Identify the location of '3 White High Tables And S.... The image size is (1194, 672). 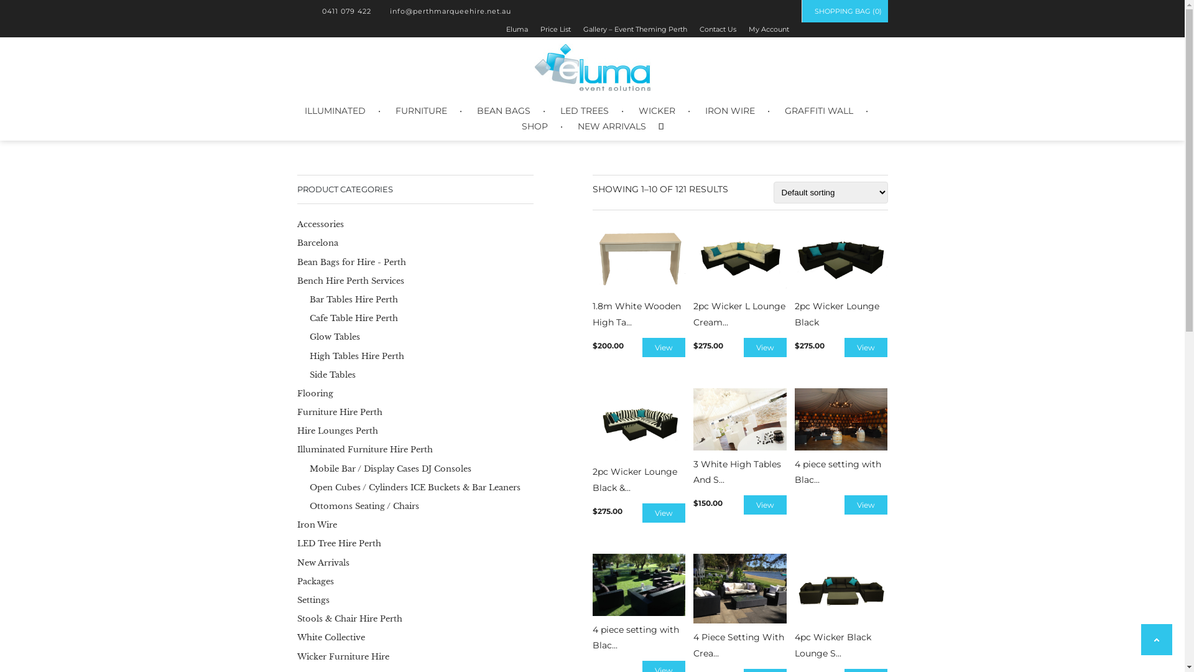
(740, 437).